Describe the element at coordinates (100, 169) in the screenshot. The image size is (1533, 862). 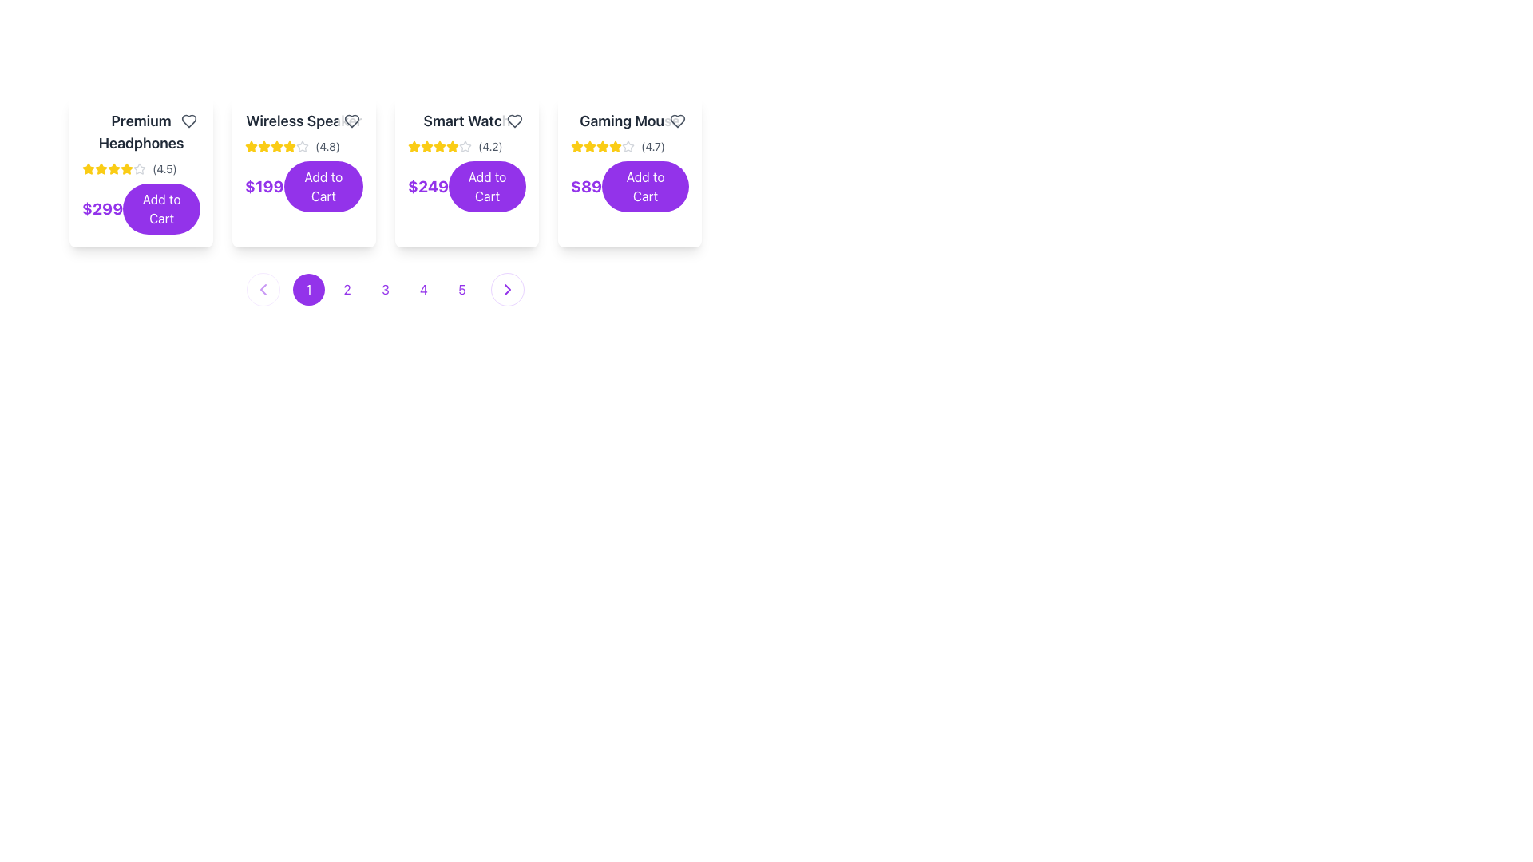
I see `the third filled star in the rating scale for the product 'Premium Headphones', which visually represents a unit of the product's rating` at that location.